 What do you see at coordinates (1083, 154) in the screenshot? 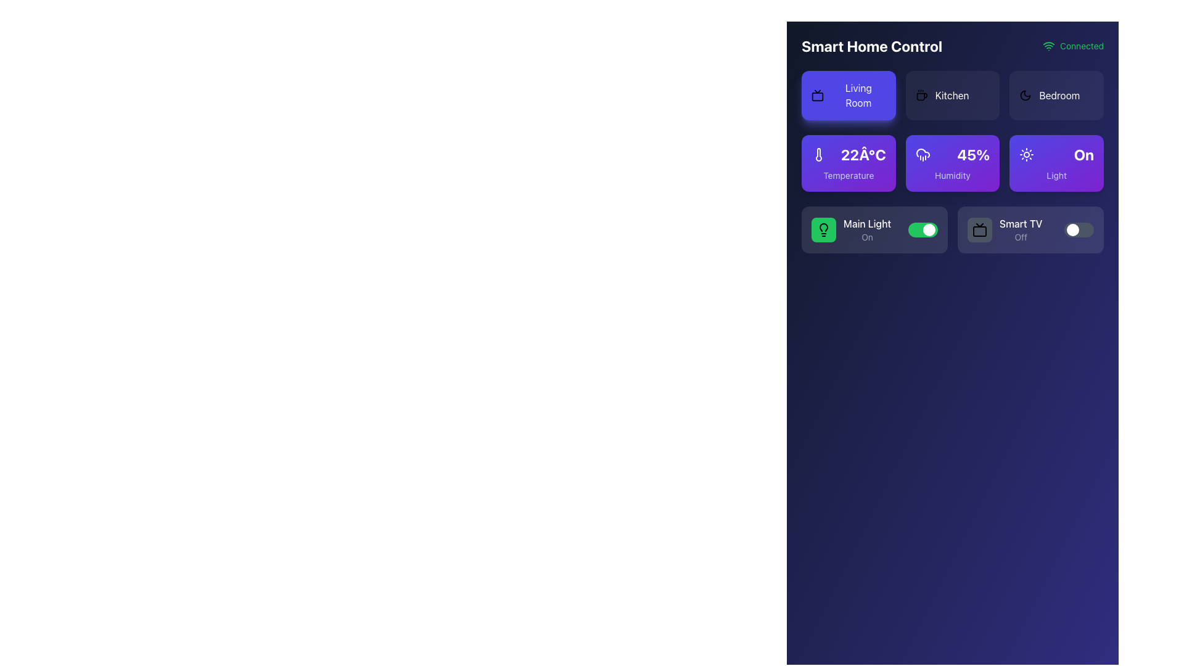
I see `the 'On' status label located at the lower-left corner of the purple button labeled 'Light', which is situated in the second row from the top, to the far right of the interface layout` at bounding box center [1083, 154].